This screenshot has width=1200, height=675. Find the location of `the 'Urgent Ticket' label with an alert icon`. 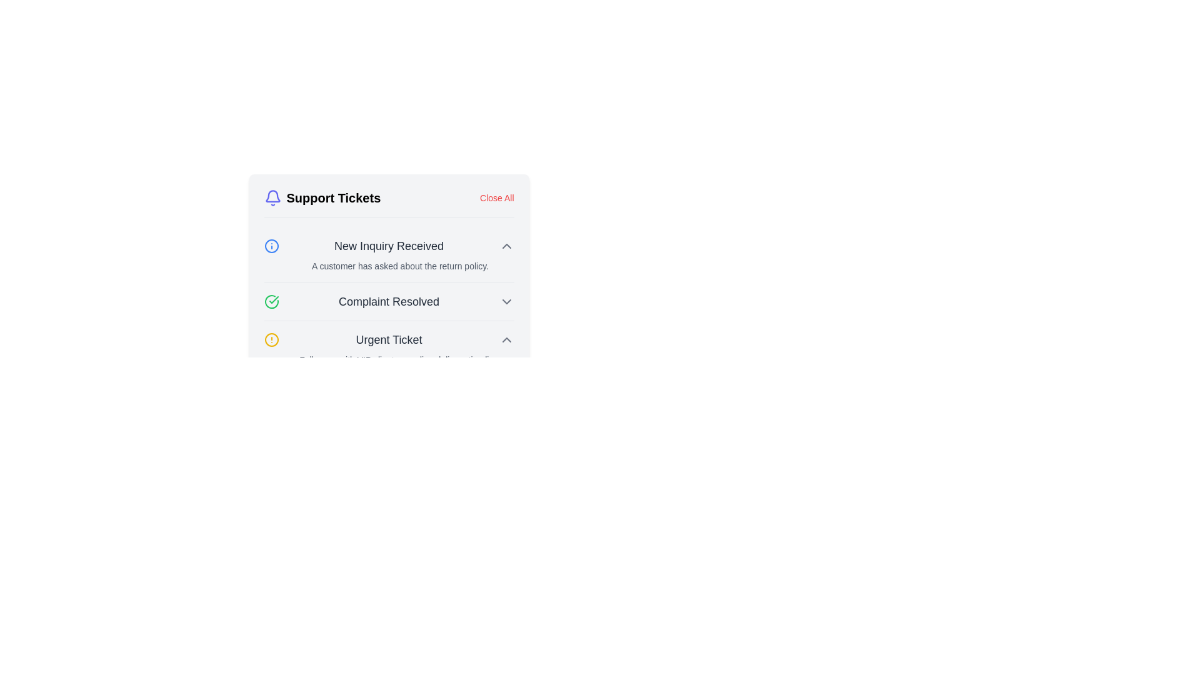

the 'Urgent Ticket' label with an alert icon is located at coordinates (388, 339).